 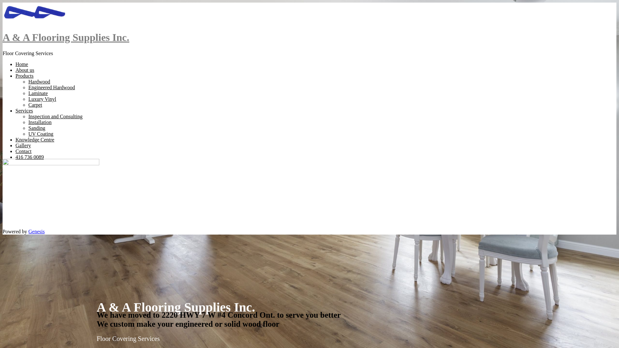 I want to click on 'Luxury Vinyl', so click(x=42, y=99).